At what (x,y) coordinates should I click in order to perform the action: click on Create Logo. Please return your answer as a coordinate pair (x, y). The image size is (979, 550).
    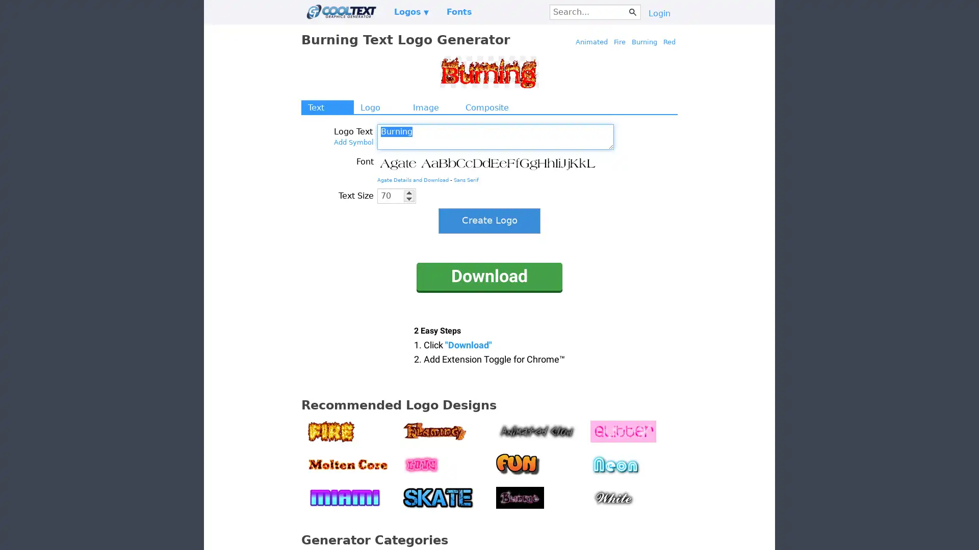
    Looking at the image, I should click on (489, 219).